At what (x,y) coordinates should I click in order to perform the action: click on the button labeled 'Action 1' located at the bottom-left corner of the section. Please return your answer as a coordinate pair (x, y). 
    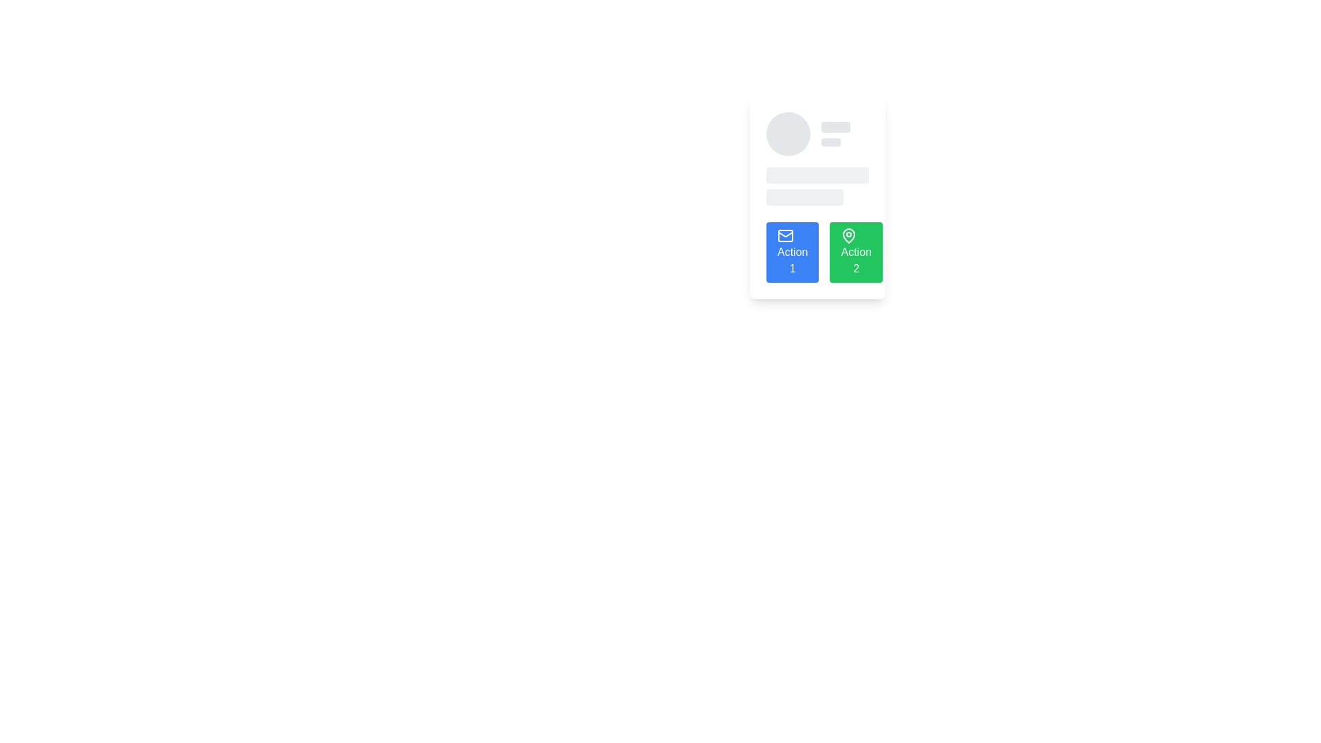
    Looking at the image, I should click on (793, 252).